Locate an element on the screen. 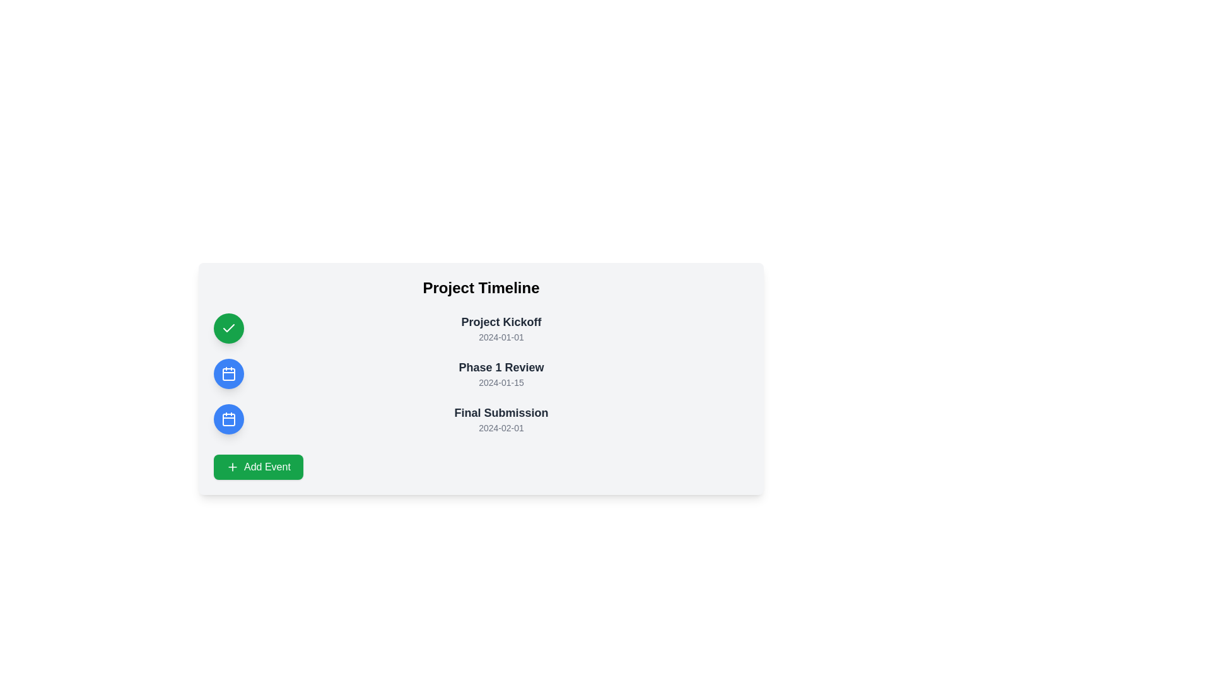 This screenshot has height=681, width=1211. the second icon in the left sidebar that serves as a visual indicator for calendar-related features is located at coordinates (229, 373).